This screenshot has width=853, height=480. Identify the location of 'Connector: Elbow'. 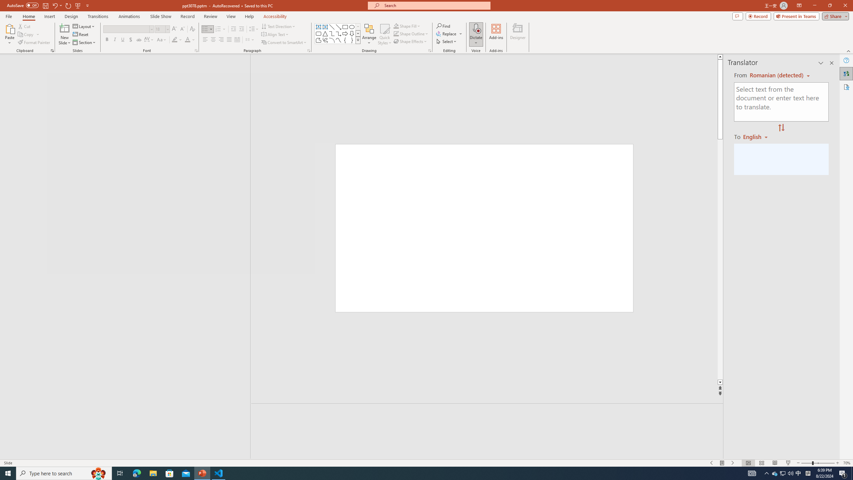
(331, 33).